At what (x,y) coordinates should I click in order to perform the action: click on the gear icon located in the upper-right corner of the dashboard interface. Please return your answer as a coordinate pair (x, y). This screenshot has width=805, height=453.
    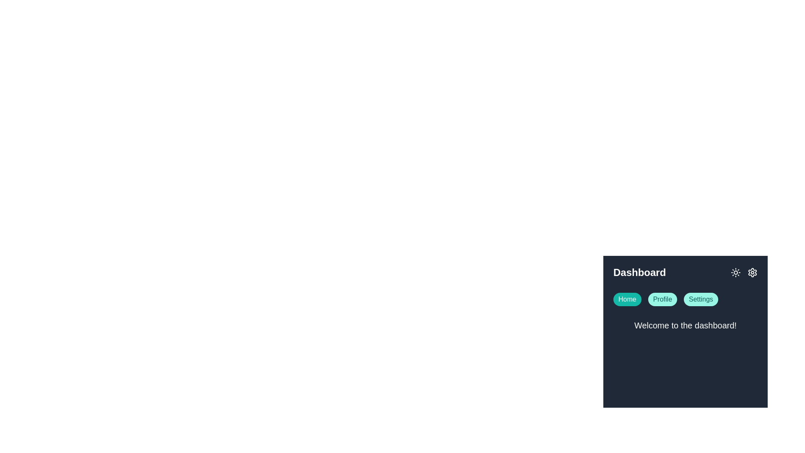
    Looking at the image, I should click on (753, 273).